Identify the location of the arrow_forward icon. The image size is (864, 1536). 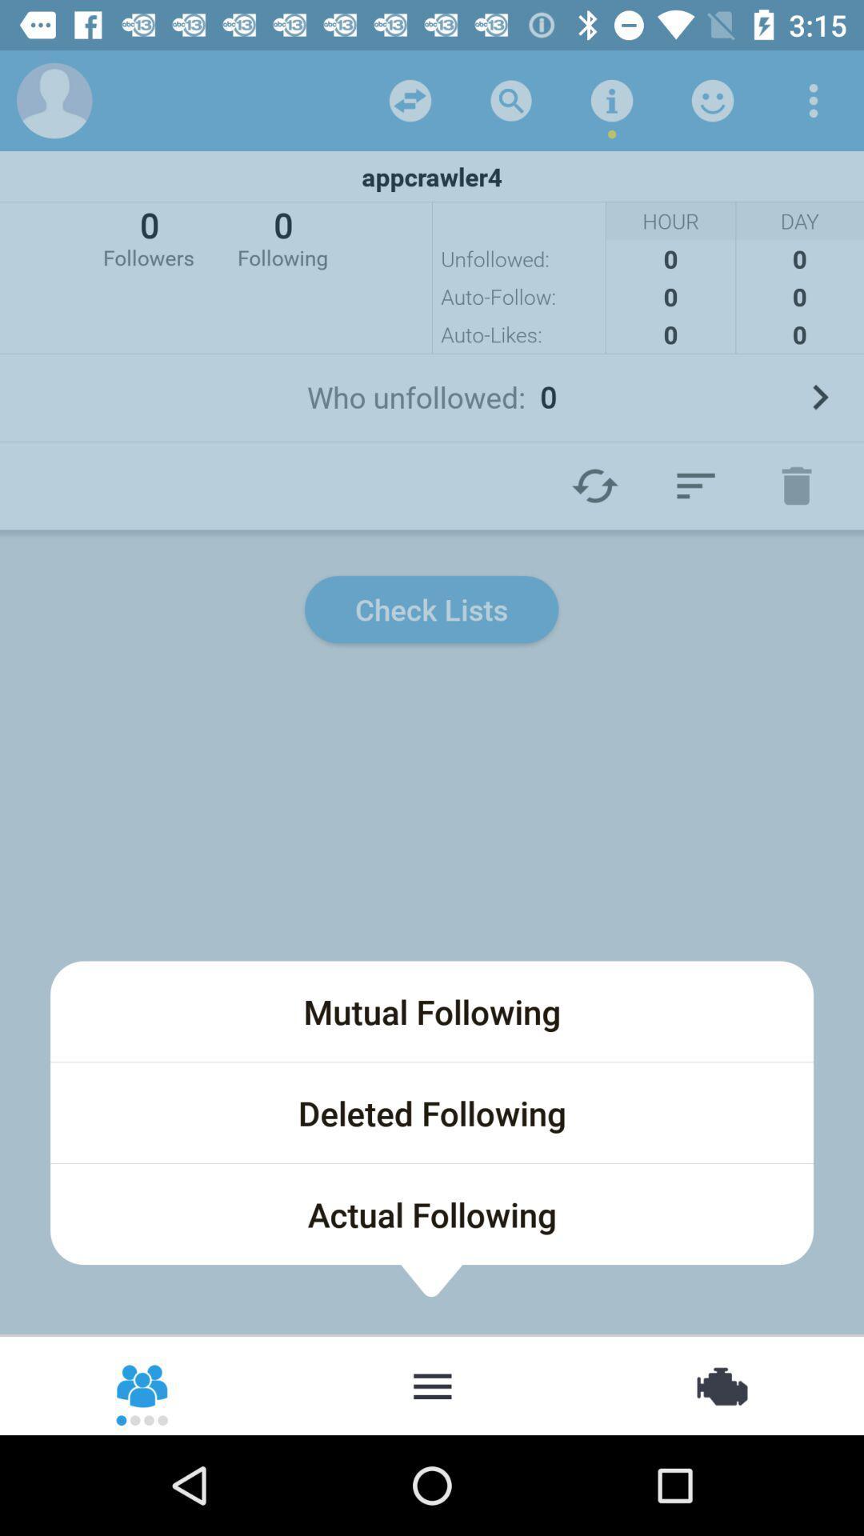
(819, 397).